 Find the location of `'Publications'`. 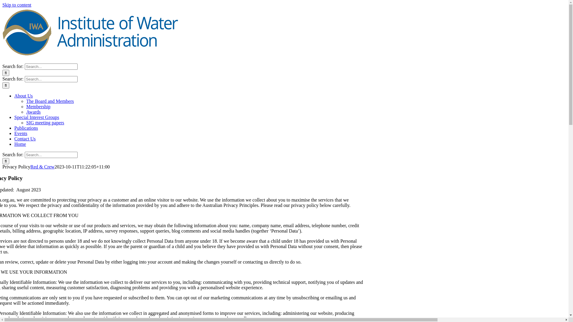

'Publications' is located at coordinates (14, 128).